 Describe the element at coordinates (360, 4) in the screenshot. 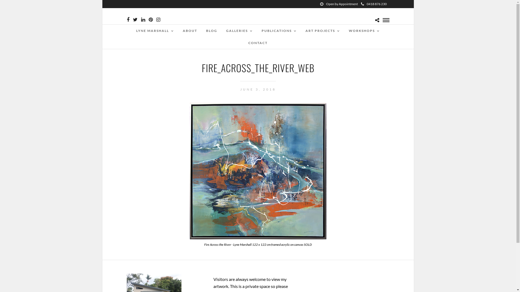

I see `'0418 876 230'` at that location.